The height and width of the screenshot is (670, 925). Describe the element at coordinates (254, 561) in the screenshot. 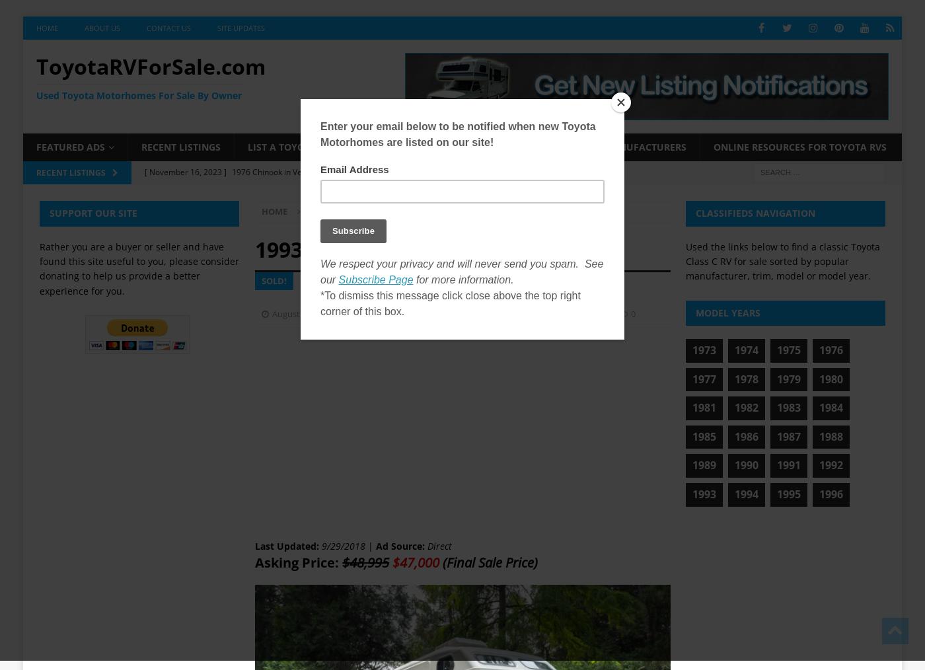

I see `'Asking Price:'` at that location.